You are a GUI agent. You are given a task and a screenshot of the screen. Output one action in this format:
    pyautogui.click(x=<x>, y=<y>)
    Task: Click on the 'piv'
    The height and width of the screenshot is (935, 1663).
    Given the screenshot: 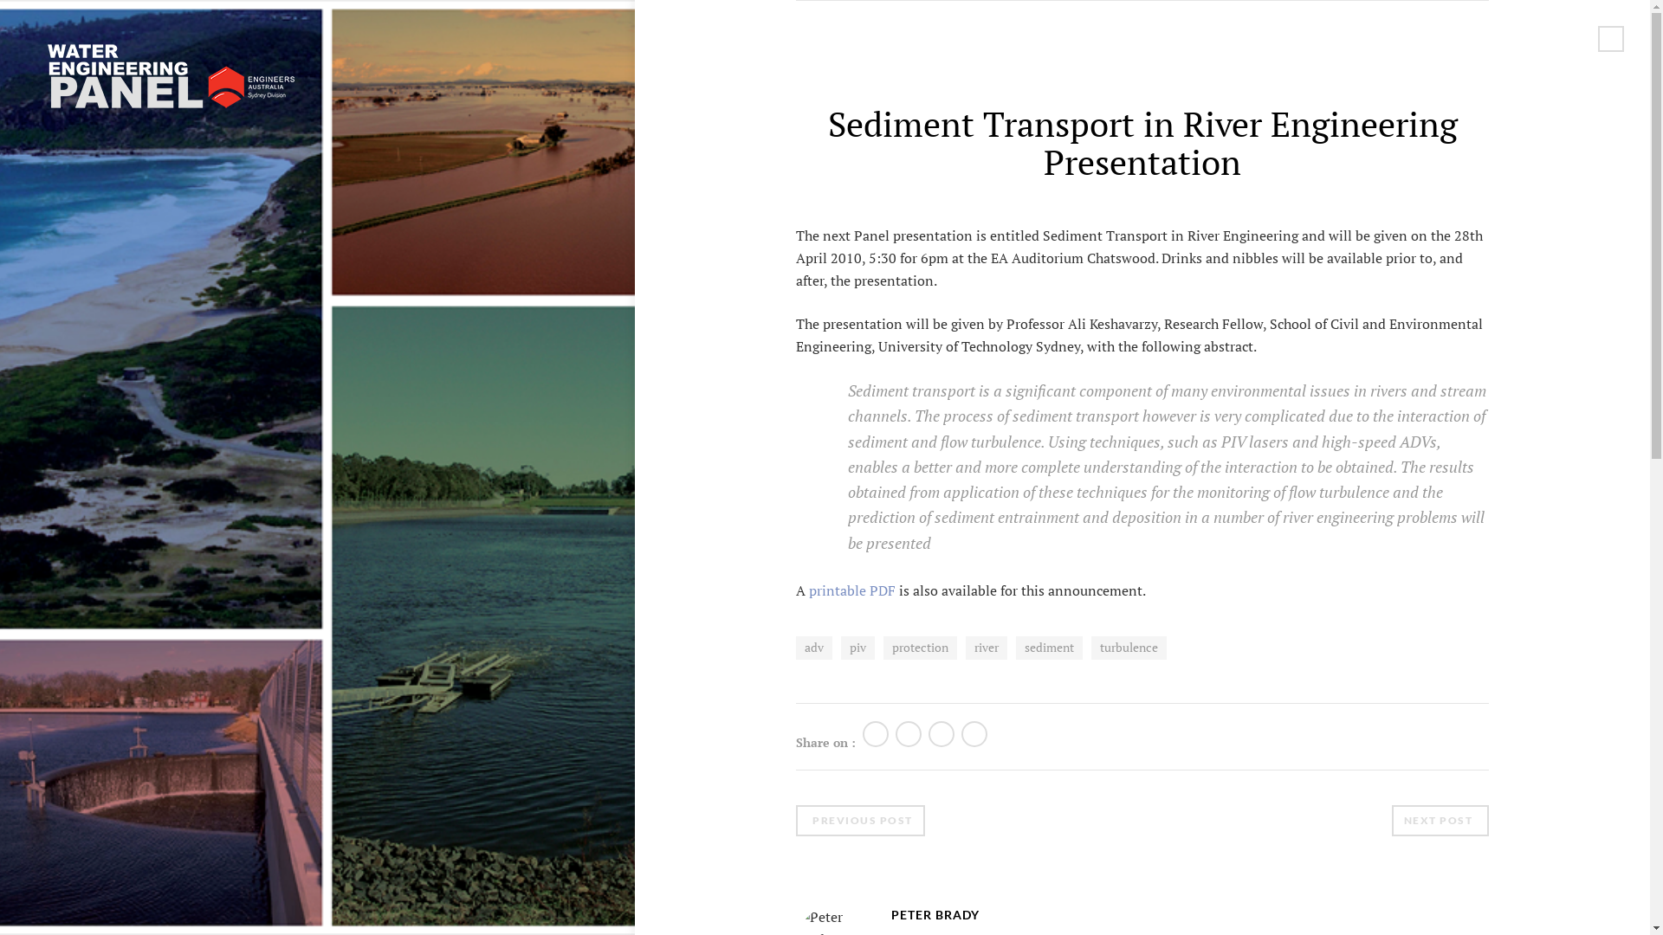 What is the action you would take?
    pyautogui.click(x=857, y=648)
    